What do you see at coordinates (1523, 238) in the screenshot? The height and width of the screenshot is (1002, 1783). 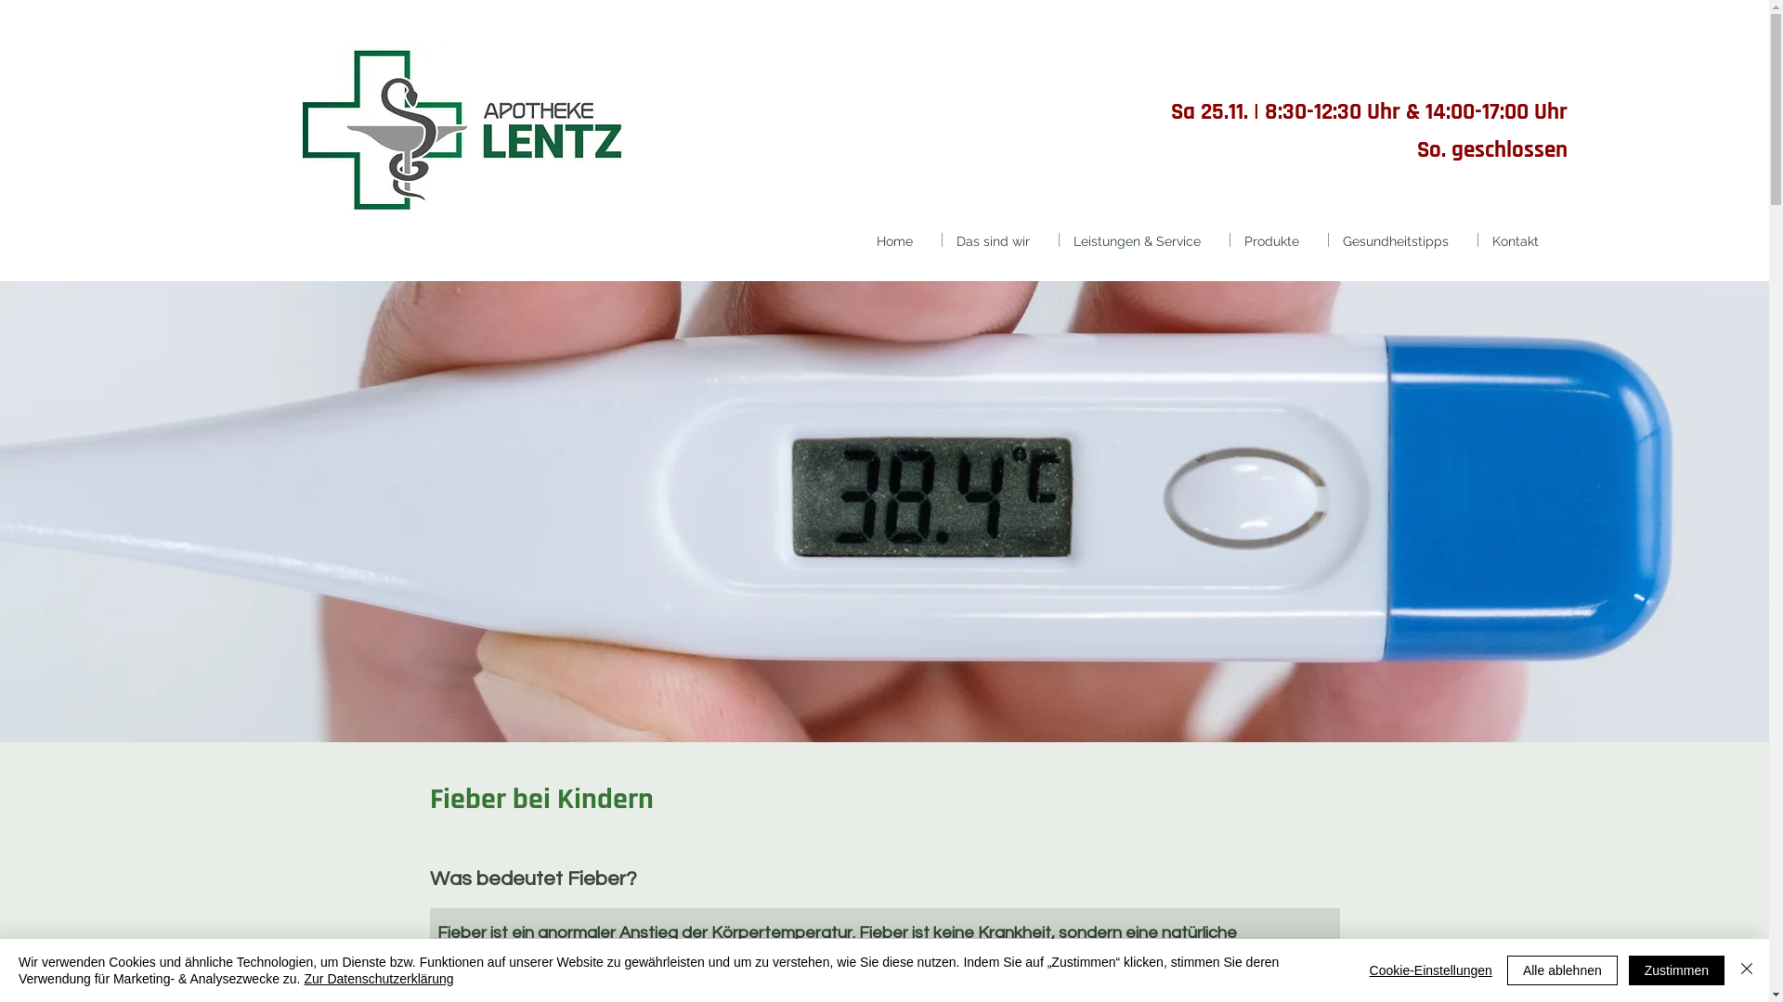 I see `'Kontakt'` at bounding box center [1523, 238].